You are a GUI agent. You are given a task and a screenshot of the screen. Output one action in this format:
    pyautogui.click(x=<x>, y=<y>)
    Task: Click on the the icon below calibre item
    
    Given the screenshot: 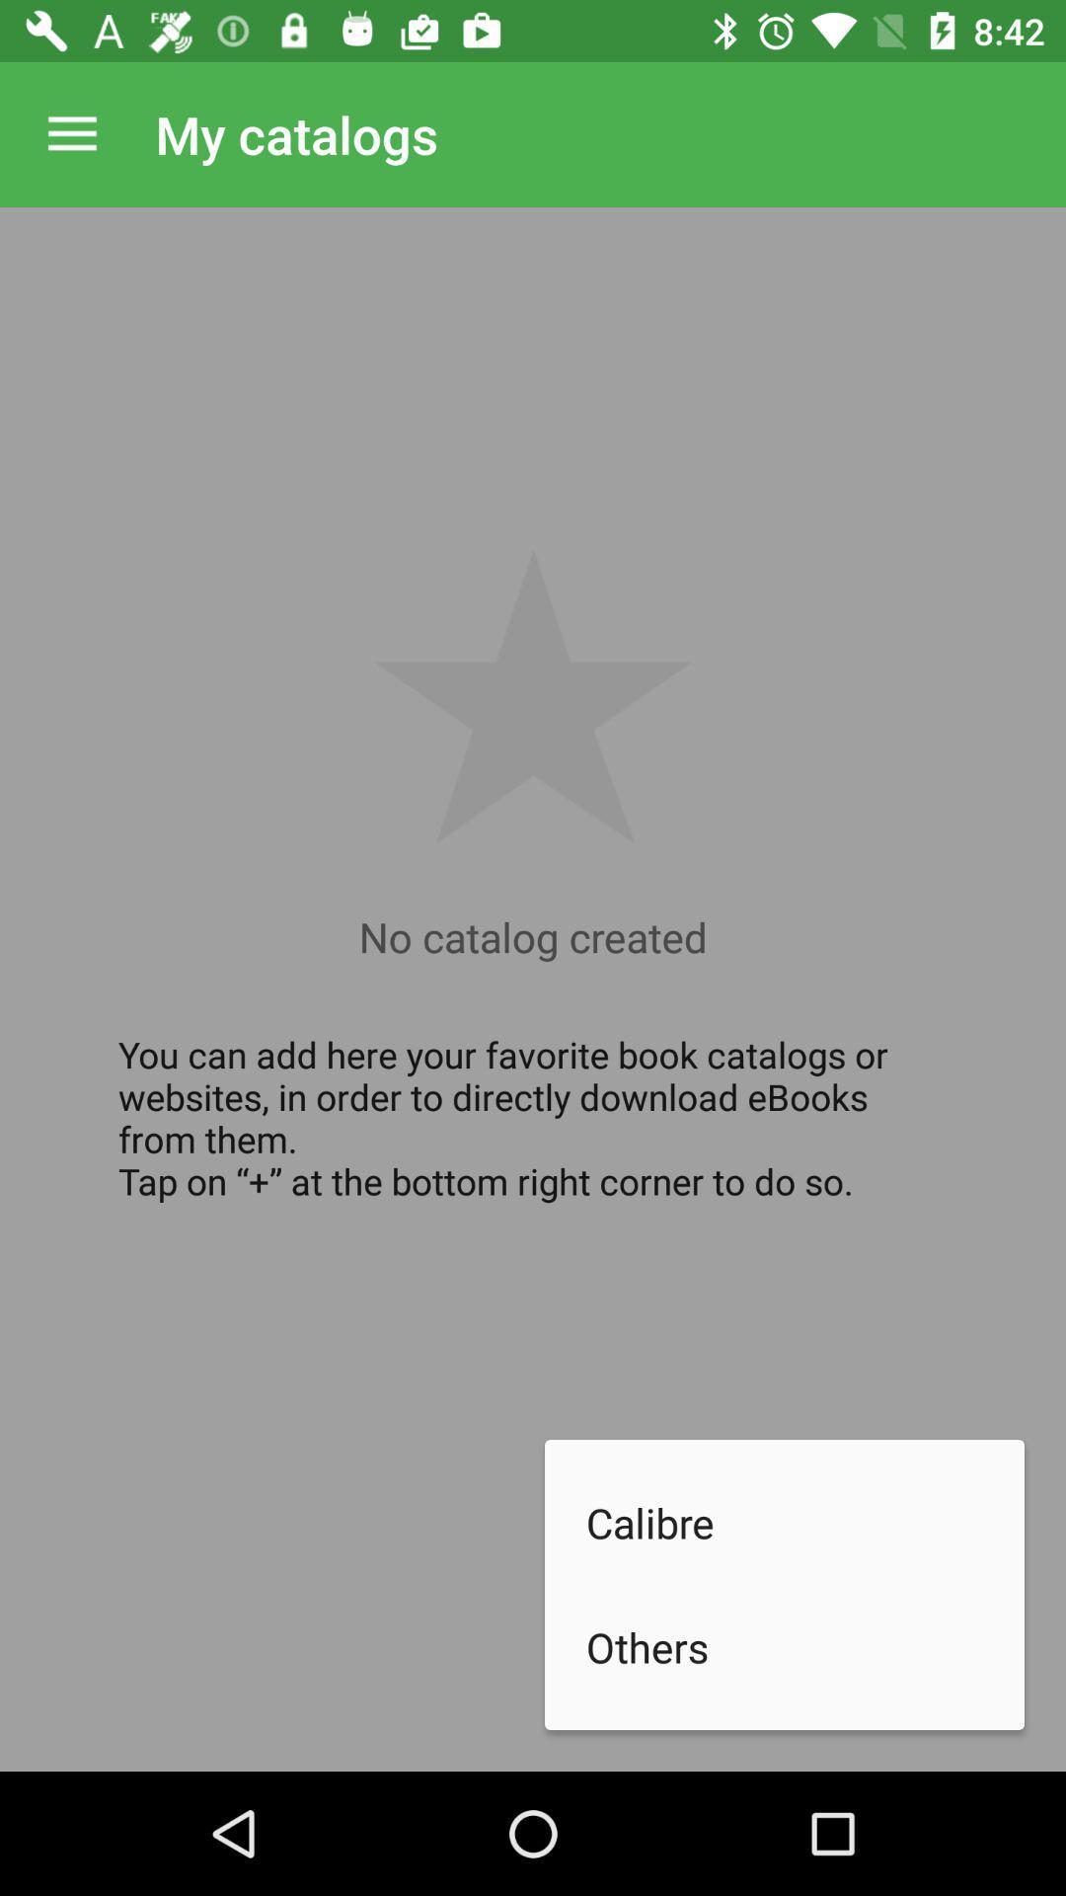 What is the action you would take?
    pyautogui.click(x=805, y=1647)
    